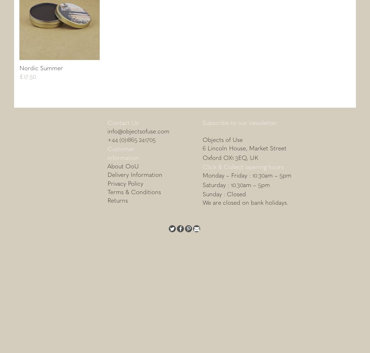 The image size is (370, 353). Describe the element at coordinates (125, 183) in the screenshot. I see `'Privacy Policy'` at that location.